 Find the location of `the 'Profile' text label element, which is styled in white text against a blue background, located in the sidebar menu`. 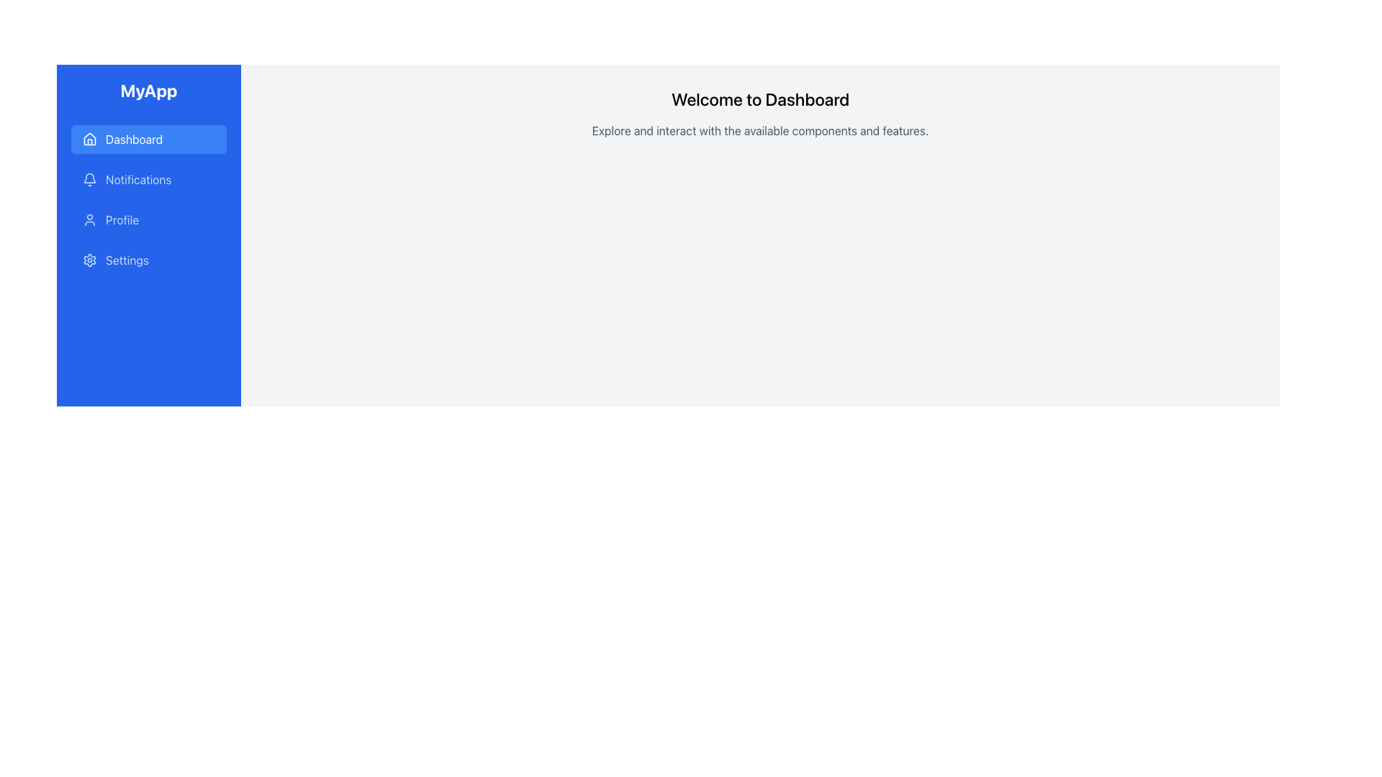

the 'Profile' text label element, which is styled in white text against a blue background, located in the sidebar menu is located at coordinates (122, 219).